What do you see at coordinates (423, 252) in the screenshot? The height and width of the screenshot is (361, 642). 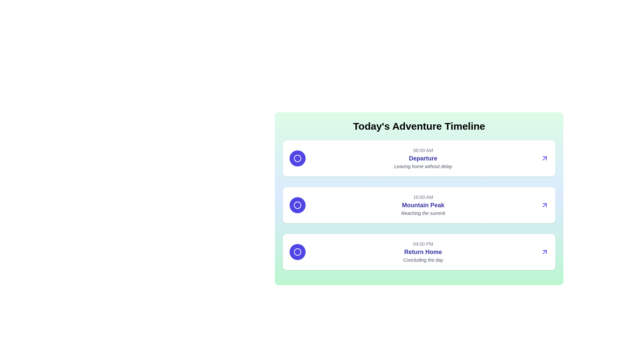 I see `the timeline entry displaying 'Return Home' at '04:00 PM'` at bounding box center [423, 252].